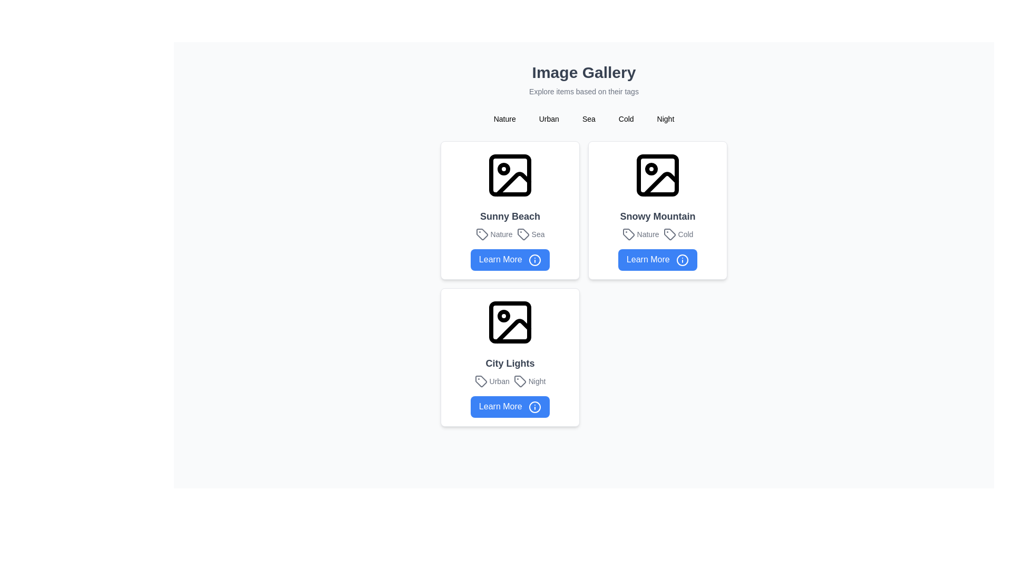 The image size is (1012, 569). I want to click on the 'Snowy Mountain' card, which is the second card in the grid layout, providing a preview of its associated content and tags, so click(657, 210).